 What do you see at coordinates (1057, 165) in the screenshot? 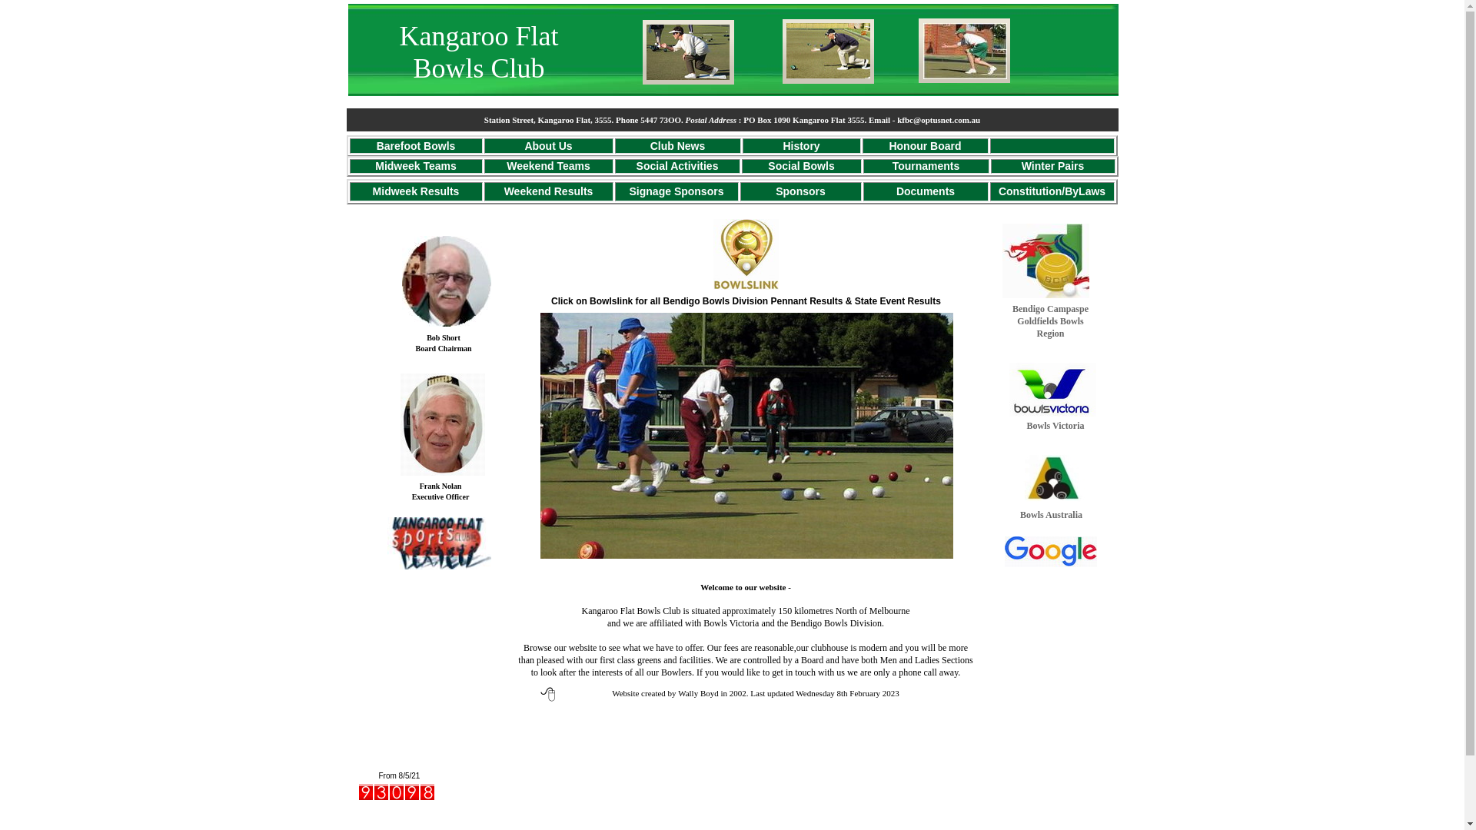
I see `'inter Pairs'` at bounding box center [1057, 165].